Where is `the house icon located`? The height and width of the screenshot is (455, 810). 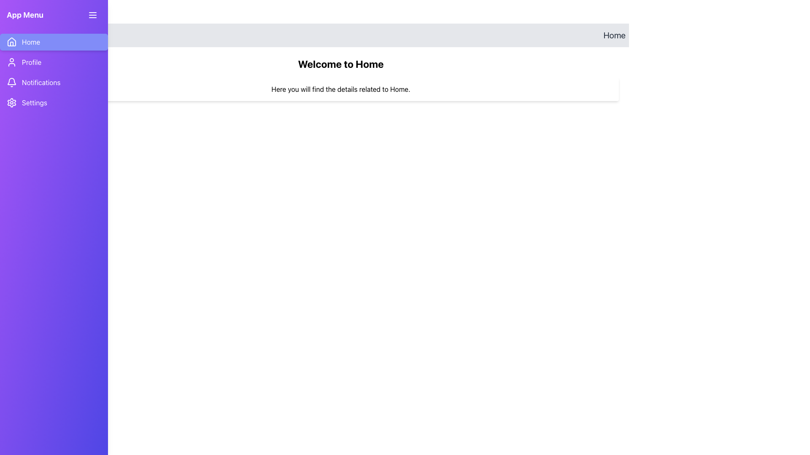 the house icon located is located at coordinates (12, 42).